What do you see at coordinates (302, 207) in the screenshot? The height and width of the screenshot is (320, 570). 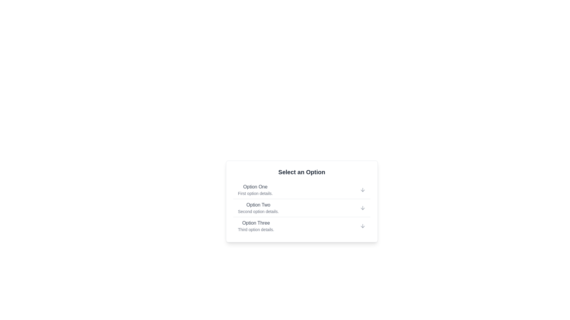 I see `the second item in the interactive list, located beneath 'Option One' and above 'Option Three', to trigger the highlight effect` at bounding box center [302, 207].